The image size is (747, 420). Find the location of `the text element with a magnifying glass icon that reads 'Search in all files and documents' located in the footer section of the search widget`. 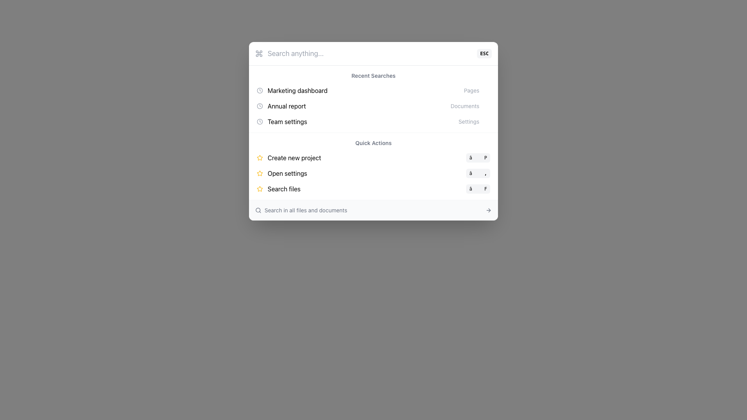

the text element with a magnifying glass icon that reads 'Search in all files and documents' located in the footer section of the search widget is located at coordinates (301, 210).